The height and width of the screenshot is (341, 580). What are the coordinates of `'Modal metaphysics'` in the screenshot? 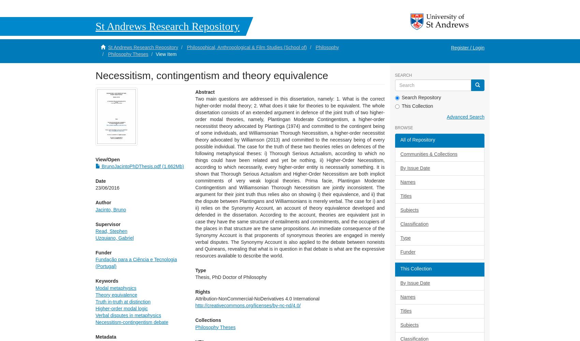 It's located at (115, 287).